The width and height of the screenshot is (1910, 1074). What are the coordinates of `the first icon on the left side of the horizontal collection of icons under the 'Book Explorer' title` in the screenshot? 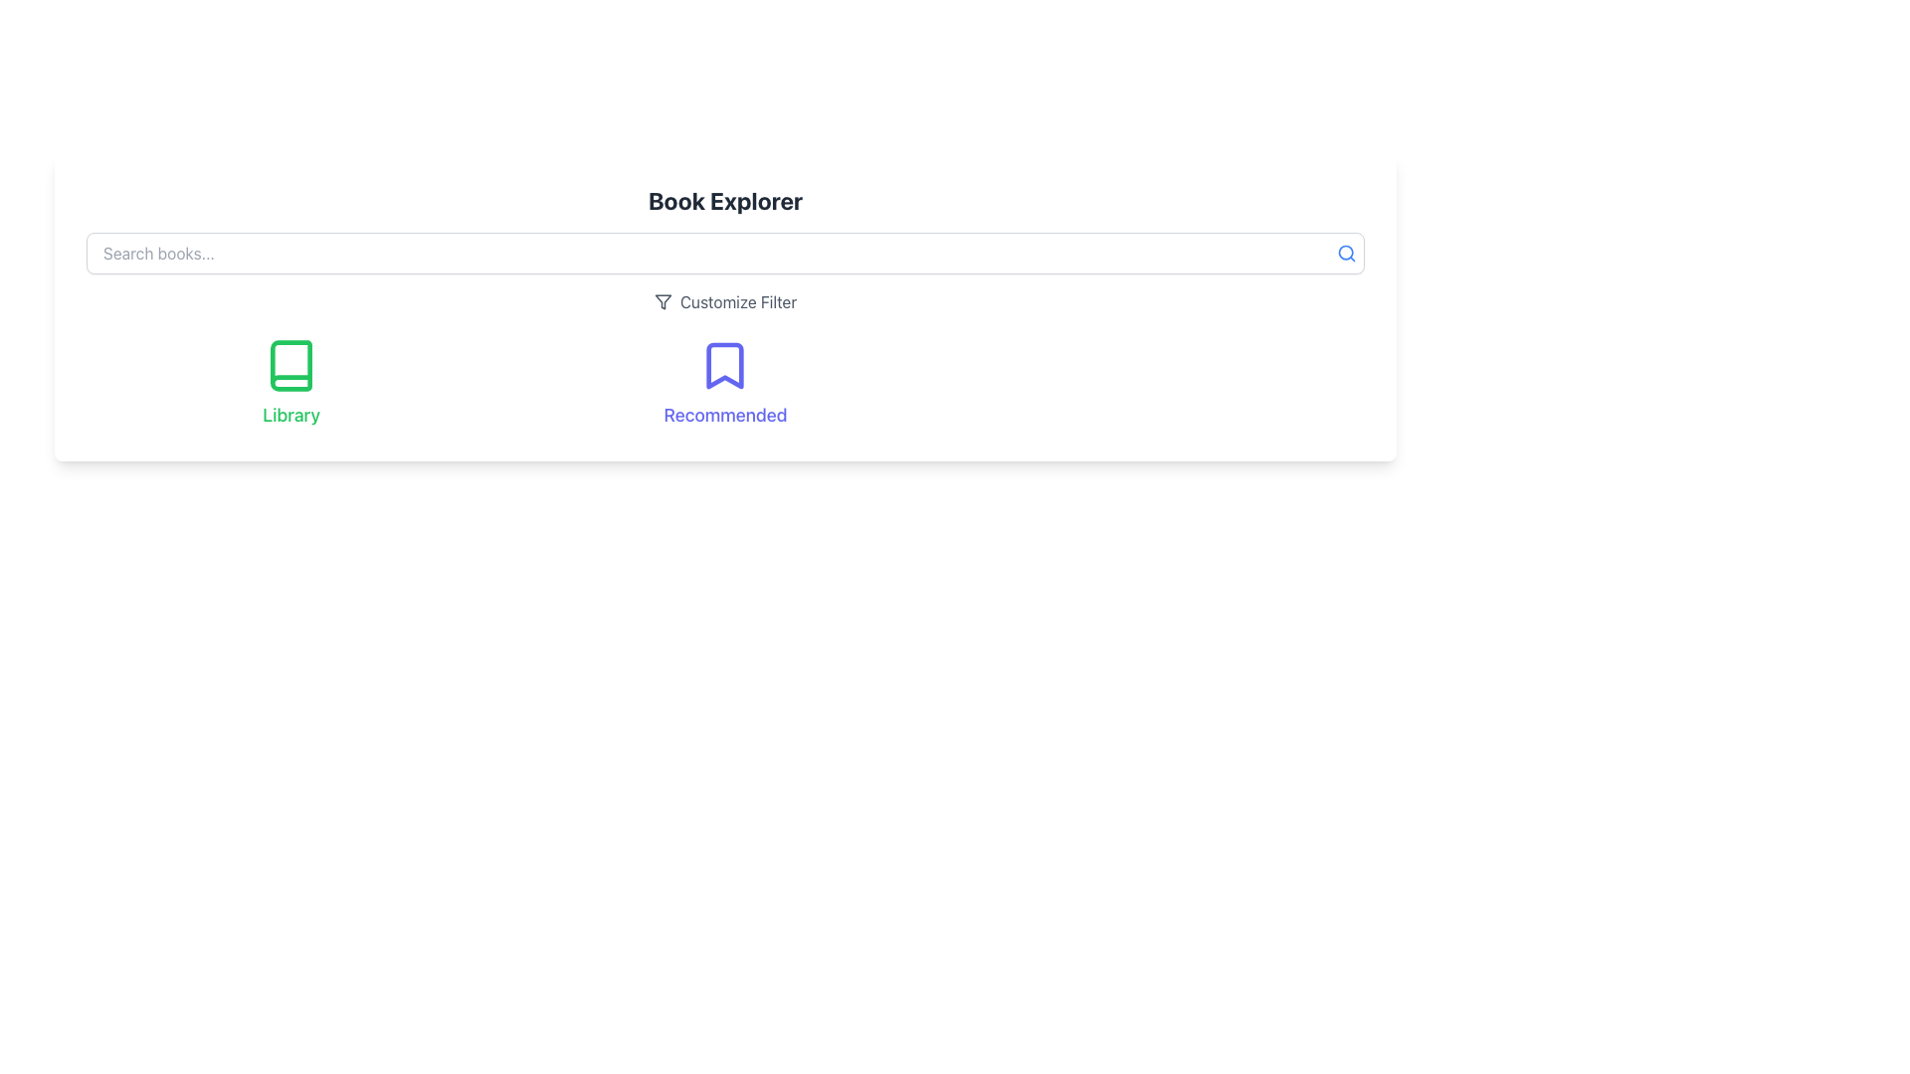 It's located at (290, 365).